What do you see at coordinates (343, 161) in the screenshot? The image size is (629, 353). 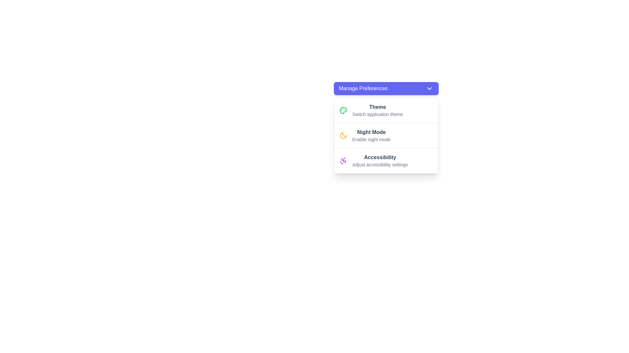 I see `the accessibility icon, which is the first icon in the dropdown menu under the 'Accessibility' section, visually aiding in identifying accessibility settings` at bounding box center [343, 161].